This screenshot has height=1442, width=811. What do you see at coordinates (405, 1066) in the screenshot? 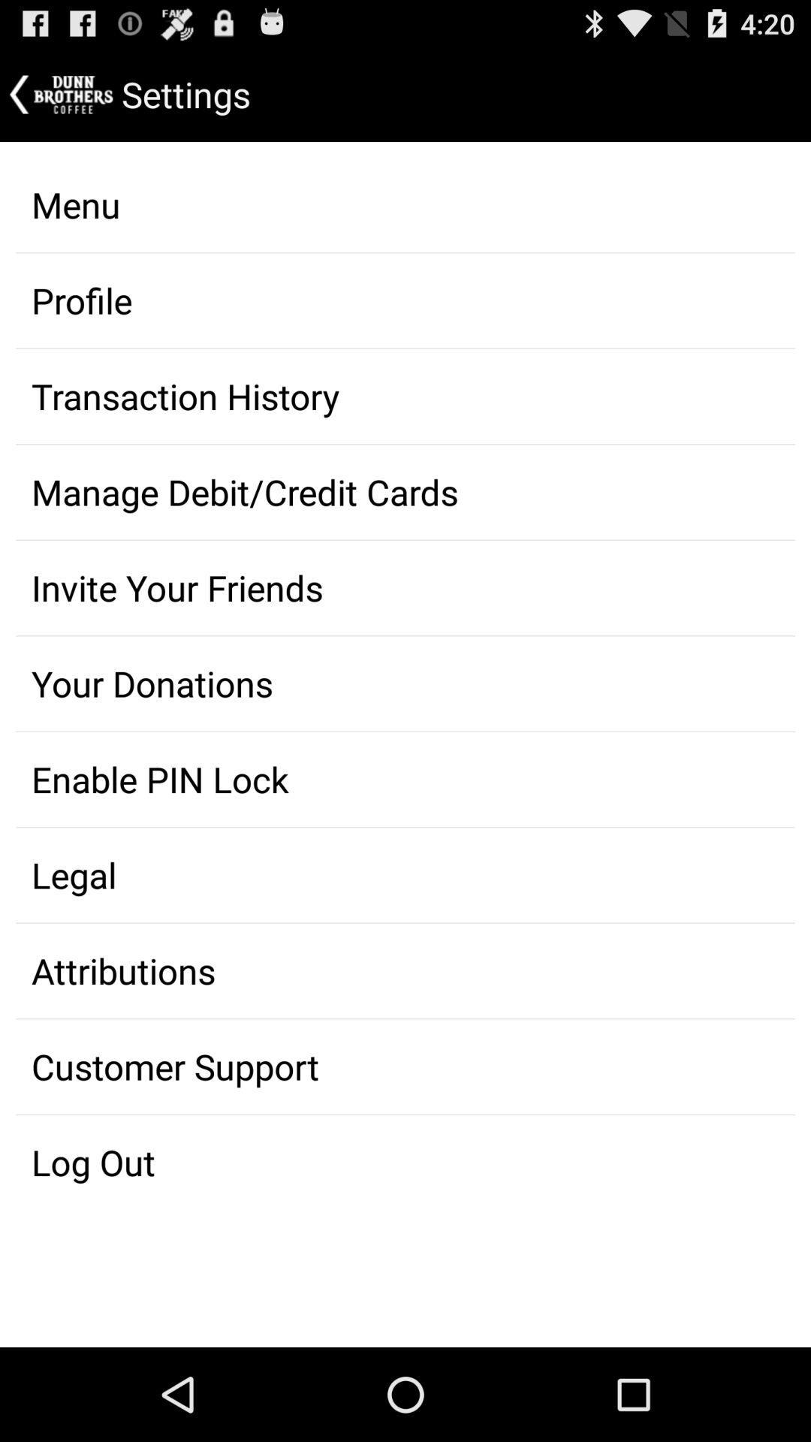
I see `the icon above the log out item` at bounding box center [405, 1066].